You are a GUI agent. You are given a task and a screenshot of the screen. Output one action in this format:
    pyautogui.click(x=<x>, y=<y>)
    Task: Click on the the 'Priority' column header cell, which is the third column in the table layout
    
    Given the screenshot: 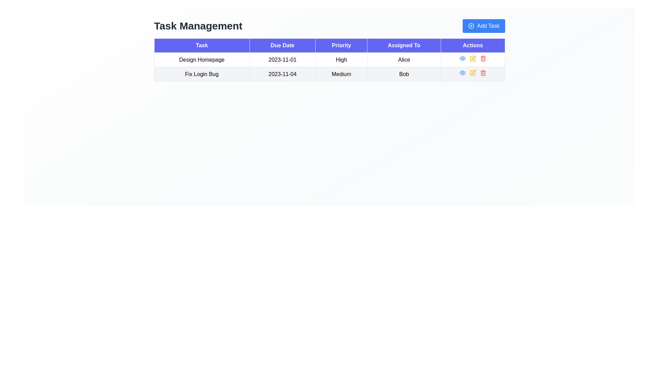 What is the action you would take?
    pyautogui.click(x=341, y=45)
    